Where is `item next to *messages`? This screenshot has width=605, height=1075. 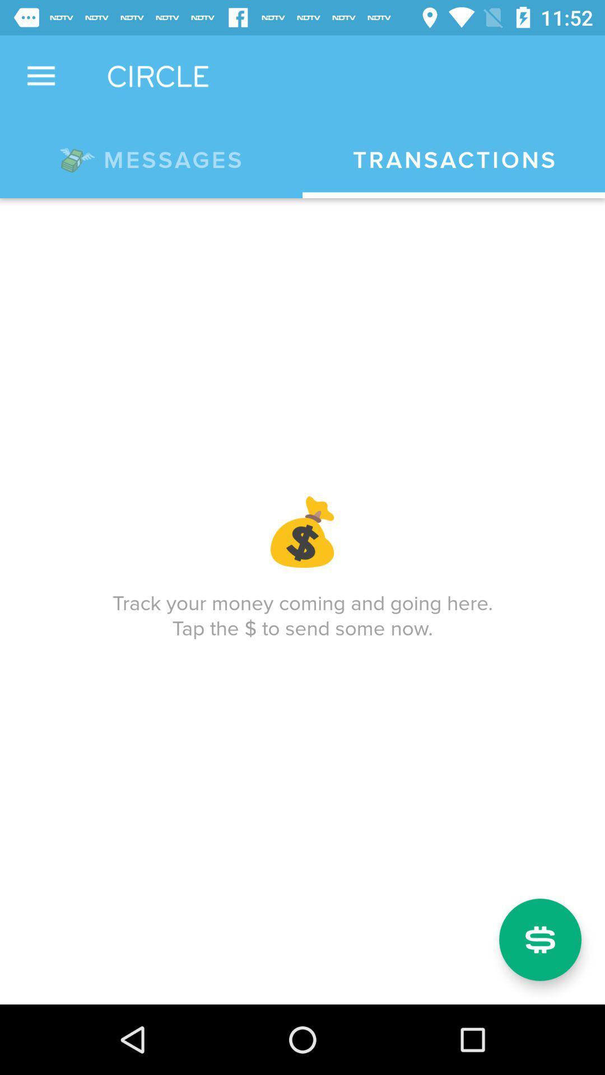 item next to *messages is located at coordinates (454, 160).